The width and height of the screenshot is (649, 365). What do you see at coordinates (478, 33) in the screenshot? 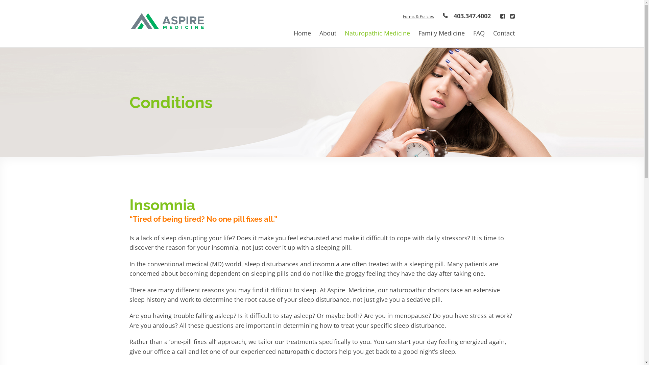
I see `'FAQ'` at bounding box center [478, 33].